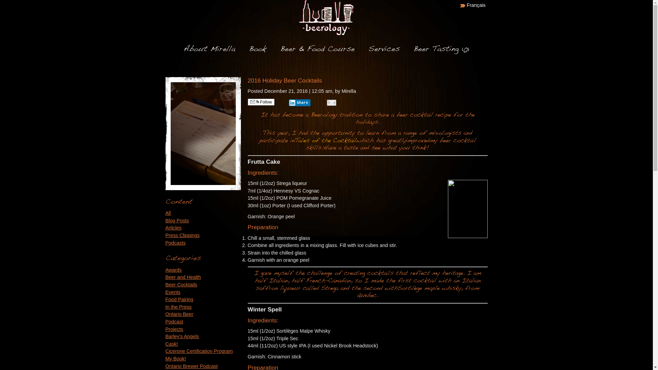  I want to click on 'Beer Cocktails', so click(165, 284).